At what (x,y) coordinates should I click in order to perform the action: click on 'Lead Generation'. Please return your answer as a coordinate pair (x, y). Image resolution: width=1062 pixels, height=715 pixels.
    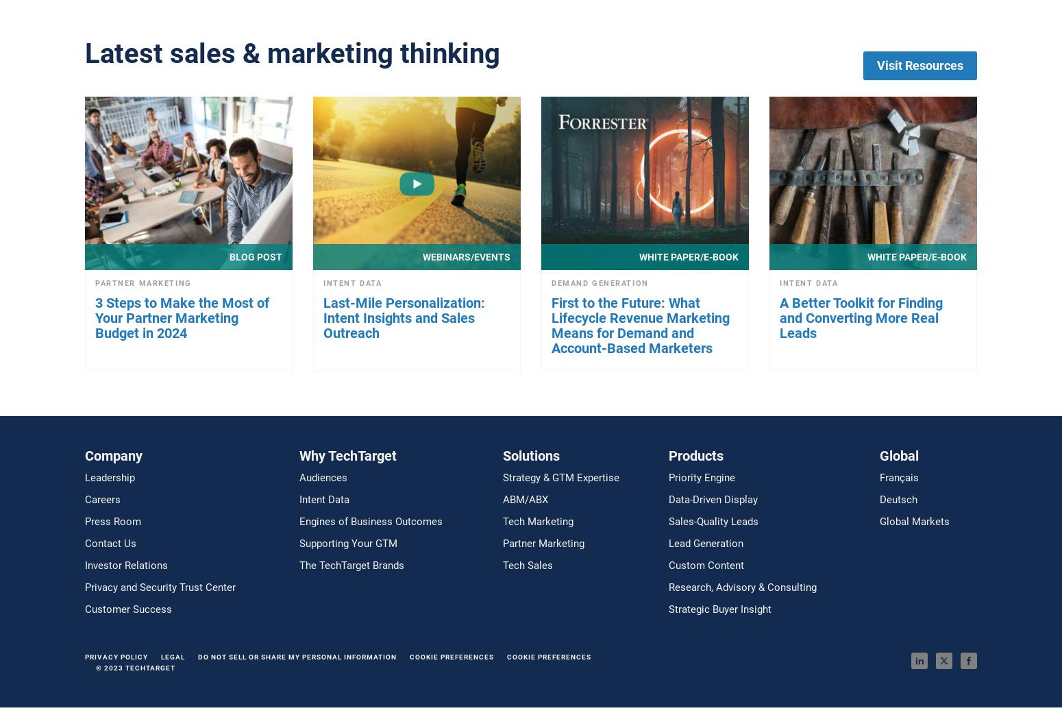
    Looking at the image, I should click on (668, 542).